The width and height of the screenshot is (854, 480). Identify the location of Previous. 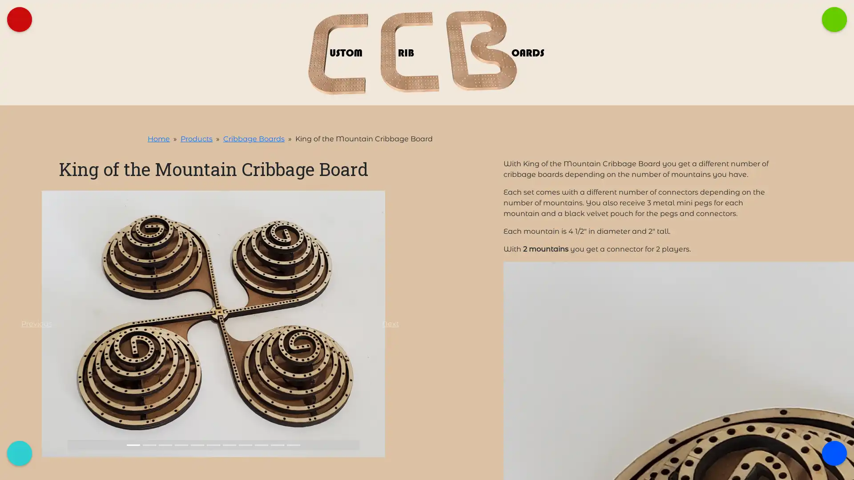
(36, 324).